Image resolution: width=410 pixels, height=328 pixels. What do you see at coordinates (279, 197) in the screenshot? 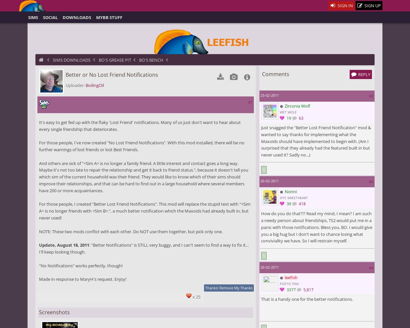
I see `'Site Sweetheart'` at bounding box center [279, 197].